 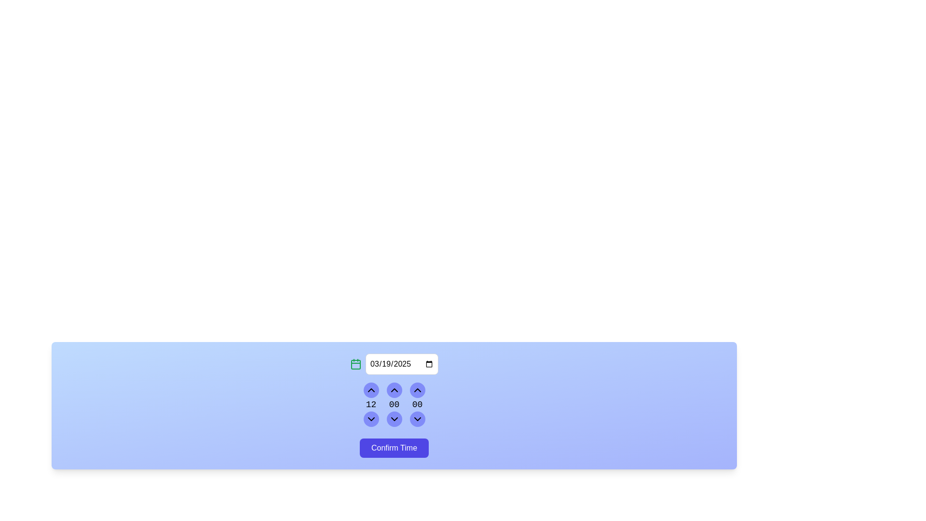 I want to click on the upward control button for increasing the 'minutes' value in the time selection interface to observe hover effects, so click(x=417, y=390).